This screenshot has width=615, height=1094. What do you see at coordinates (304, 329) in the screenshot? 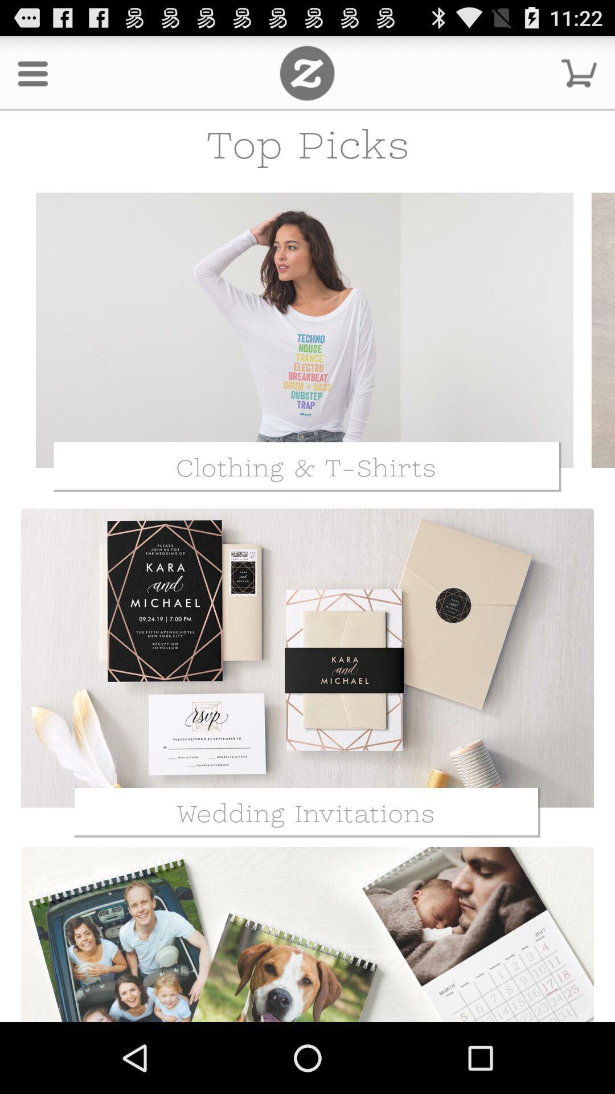
I see `clothing options tab` at bounding box center [304, 329].